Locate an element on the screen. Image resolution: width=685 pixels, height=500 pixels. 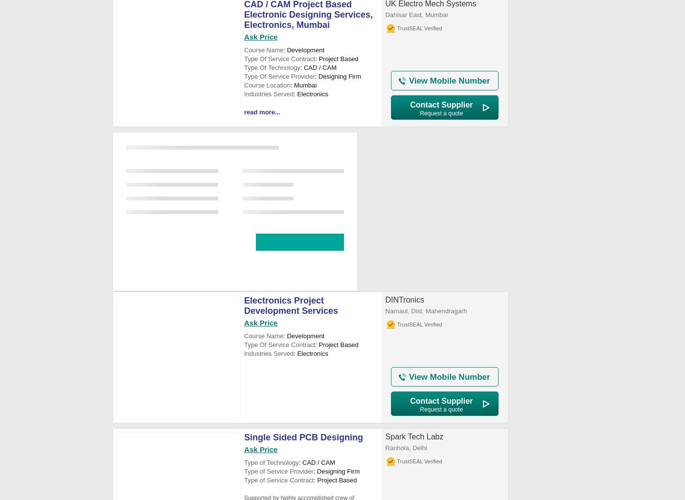
'Type Of Technology' is located at coordinates (272, 67).